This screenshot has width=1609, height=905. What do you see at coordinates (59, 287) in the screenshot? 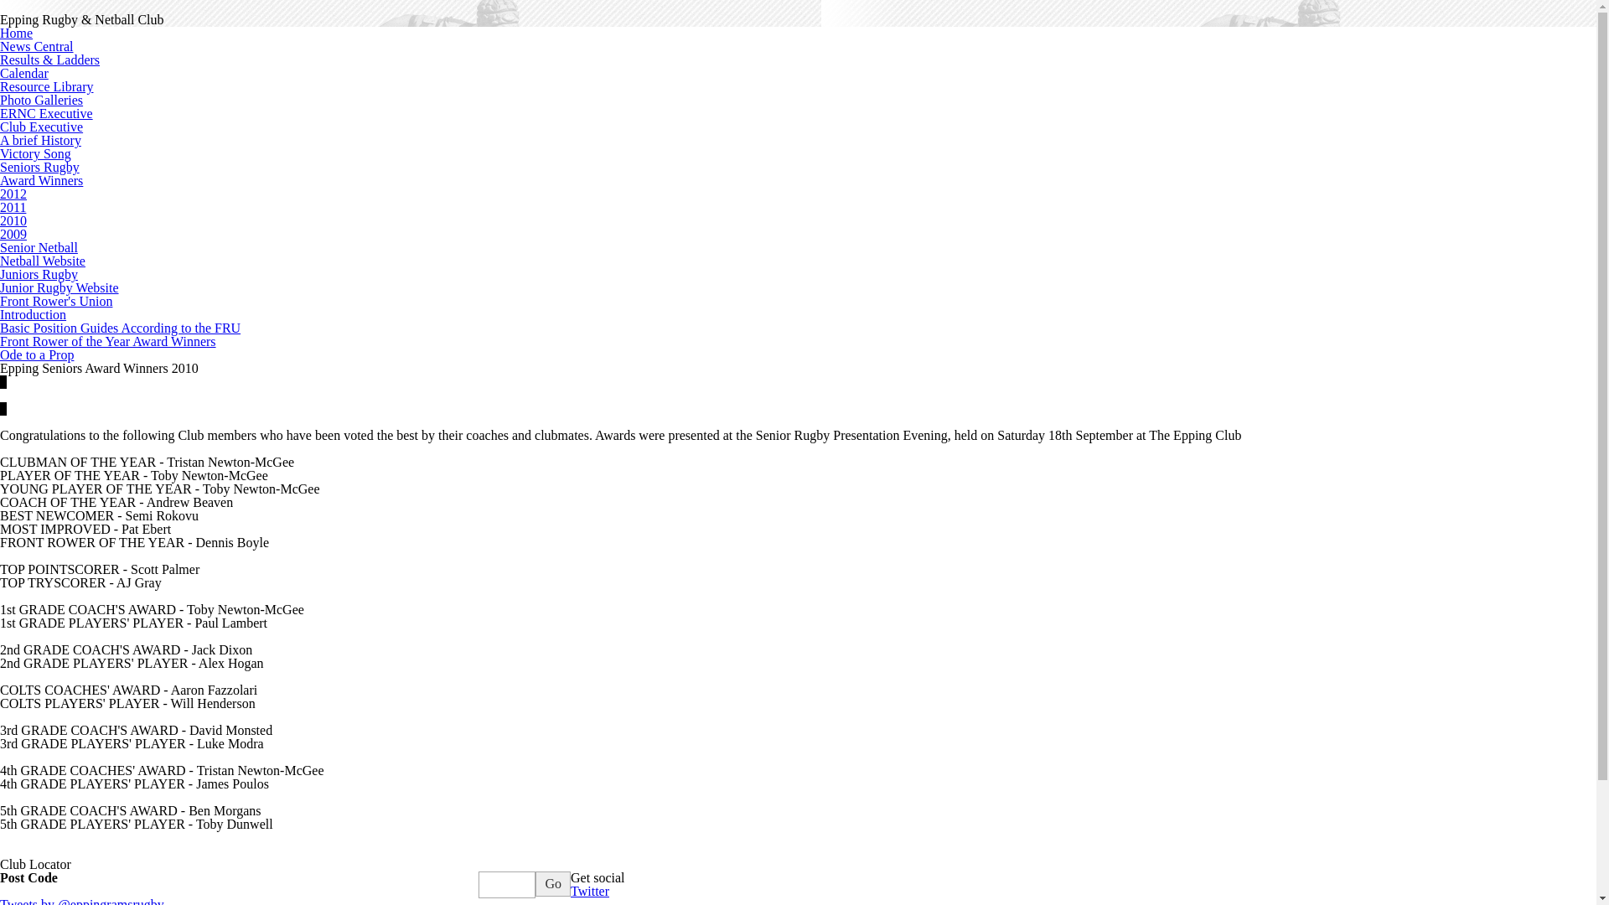
I see `'Junior Rugby Website'` at bounding box center [59, 287].